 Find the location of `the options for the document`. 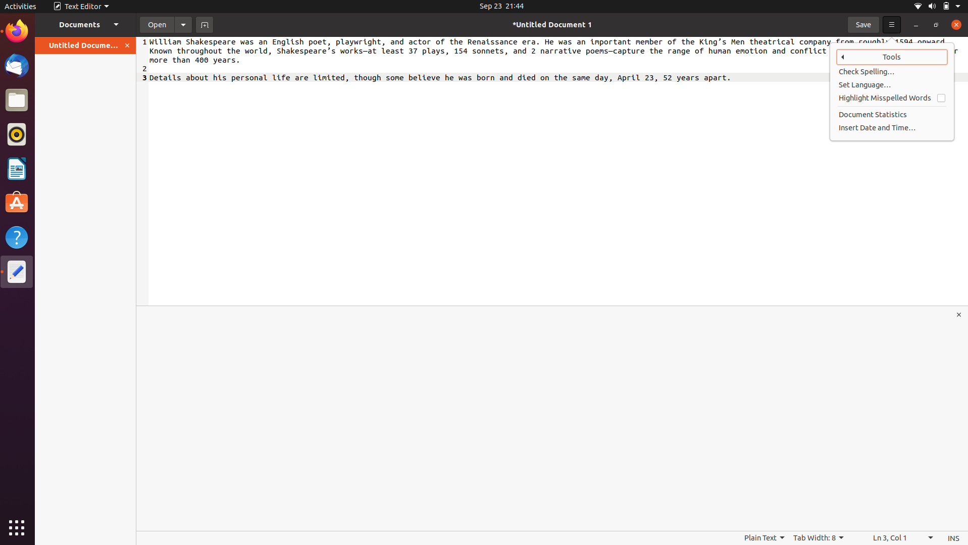

the options for the document is located at coordinates (183, 24).